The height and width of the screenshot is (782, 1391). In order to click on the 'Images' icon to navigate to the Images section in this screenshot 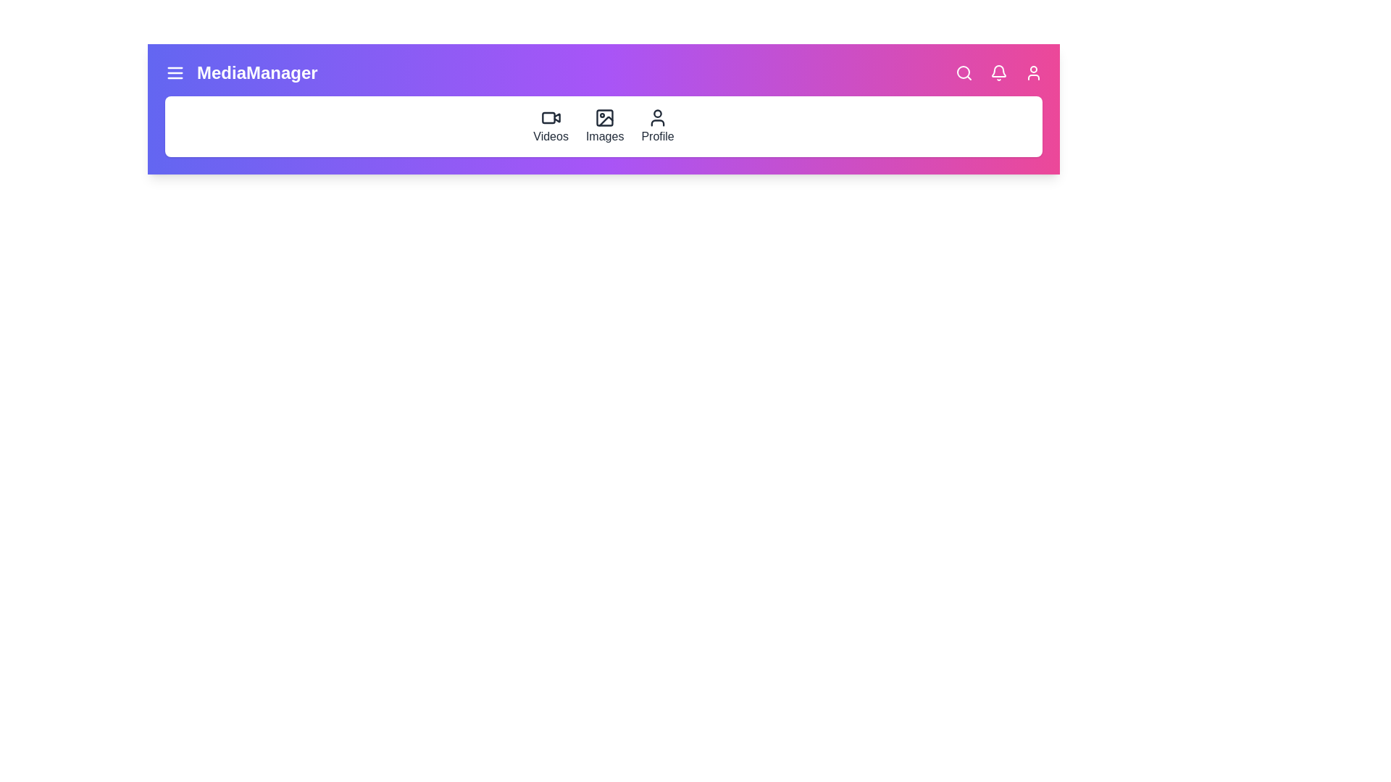, I will do `click(605, 125)`.